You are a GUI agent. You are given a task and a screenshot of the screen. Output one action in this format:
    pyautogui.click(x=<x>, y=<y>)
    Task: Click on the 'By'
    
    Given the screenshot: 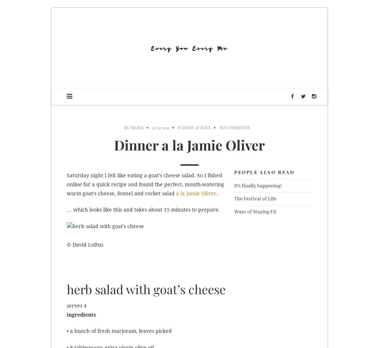 What is the action you would take?
    pyautogui.click(x=127, y=127)
    